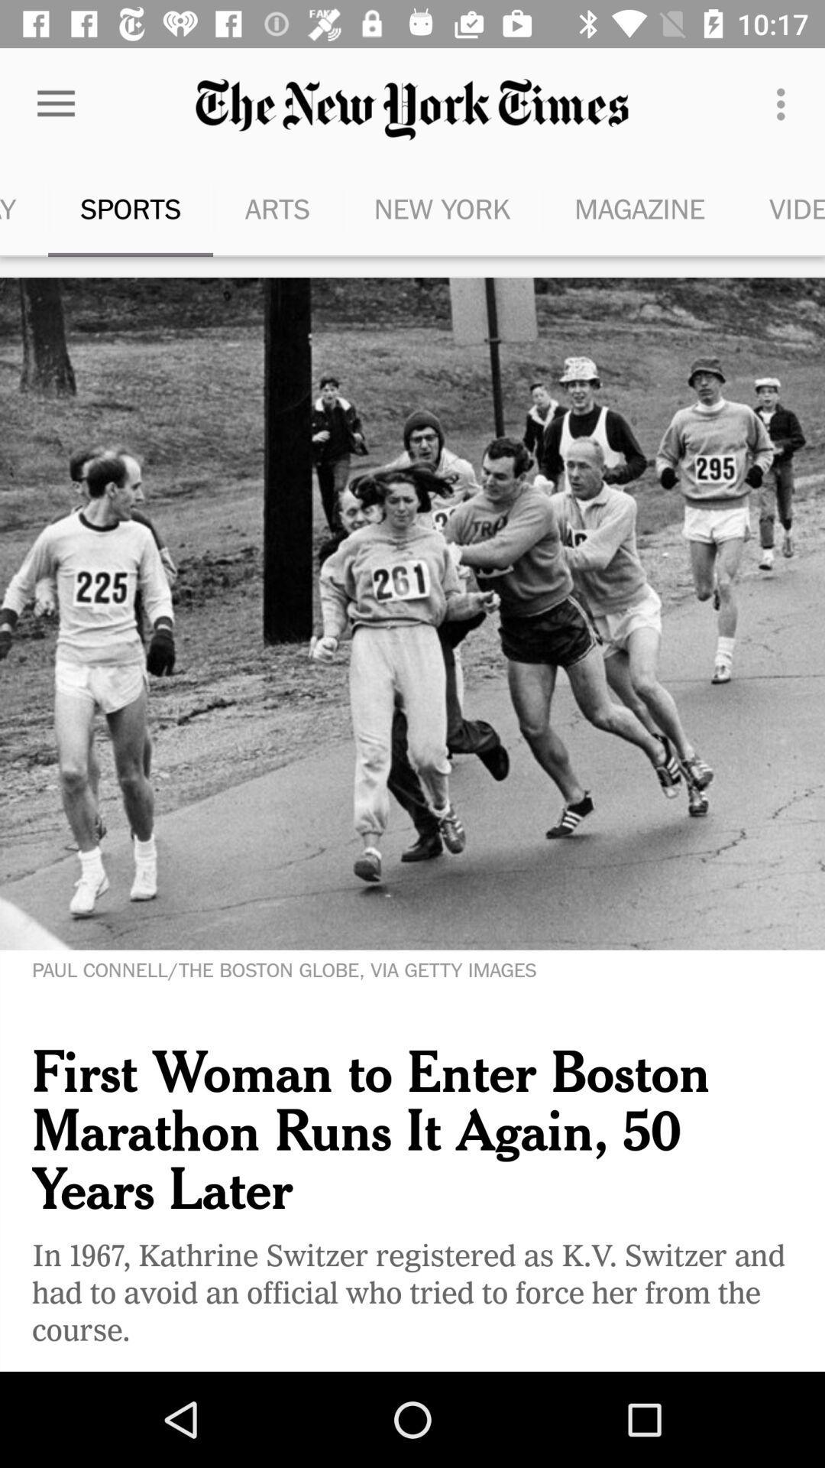  Describe the element at coordinates (129, 208) in the screenshot. I see `icon to the left of arts icon` at that location.